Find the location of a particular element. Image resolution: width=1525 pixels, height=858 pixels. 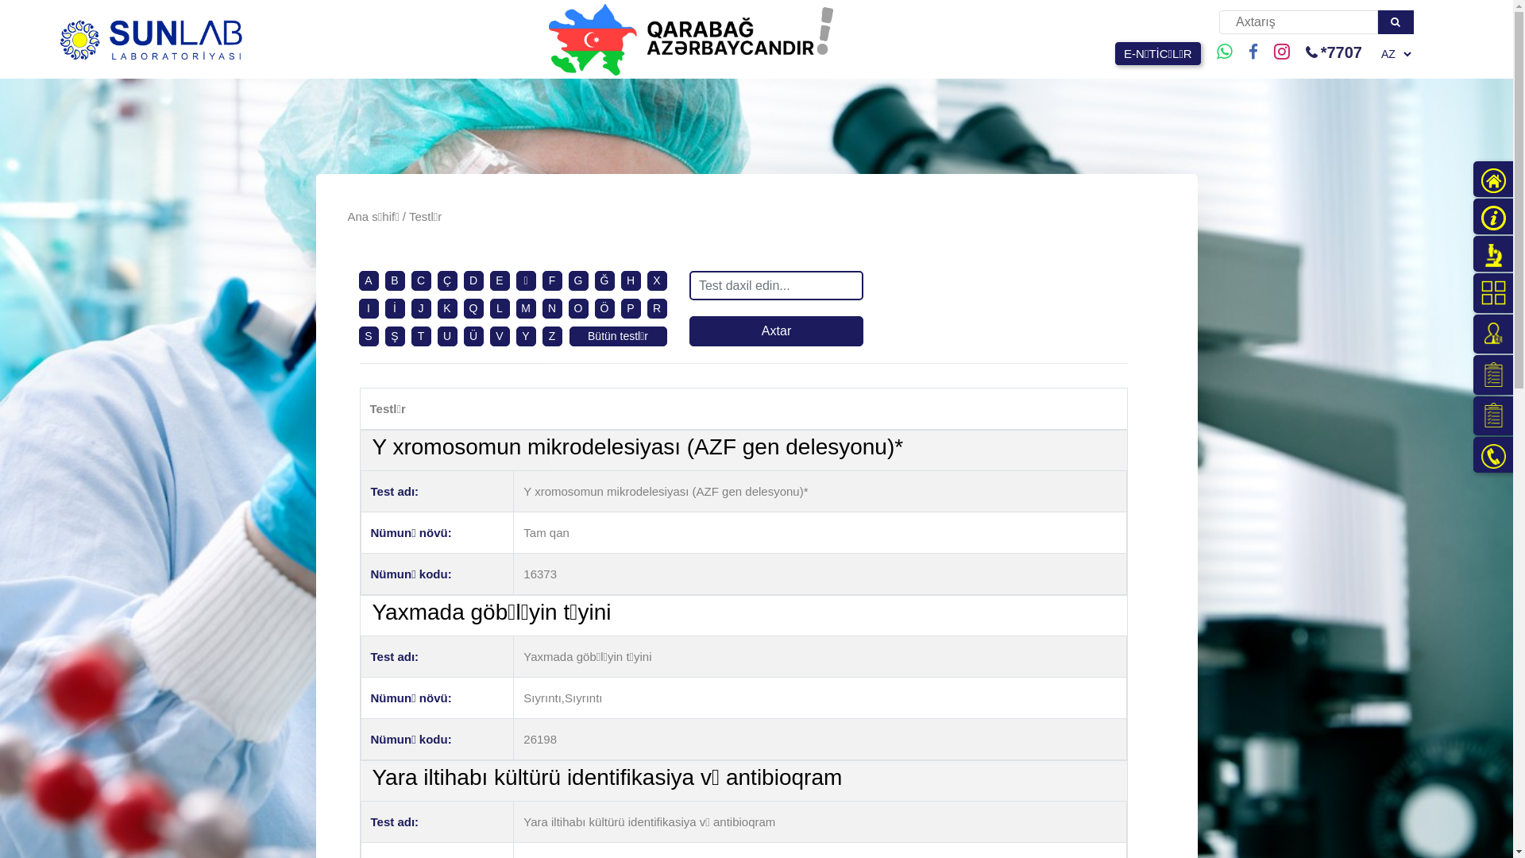

'A' is located at coordinates (364, 280).